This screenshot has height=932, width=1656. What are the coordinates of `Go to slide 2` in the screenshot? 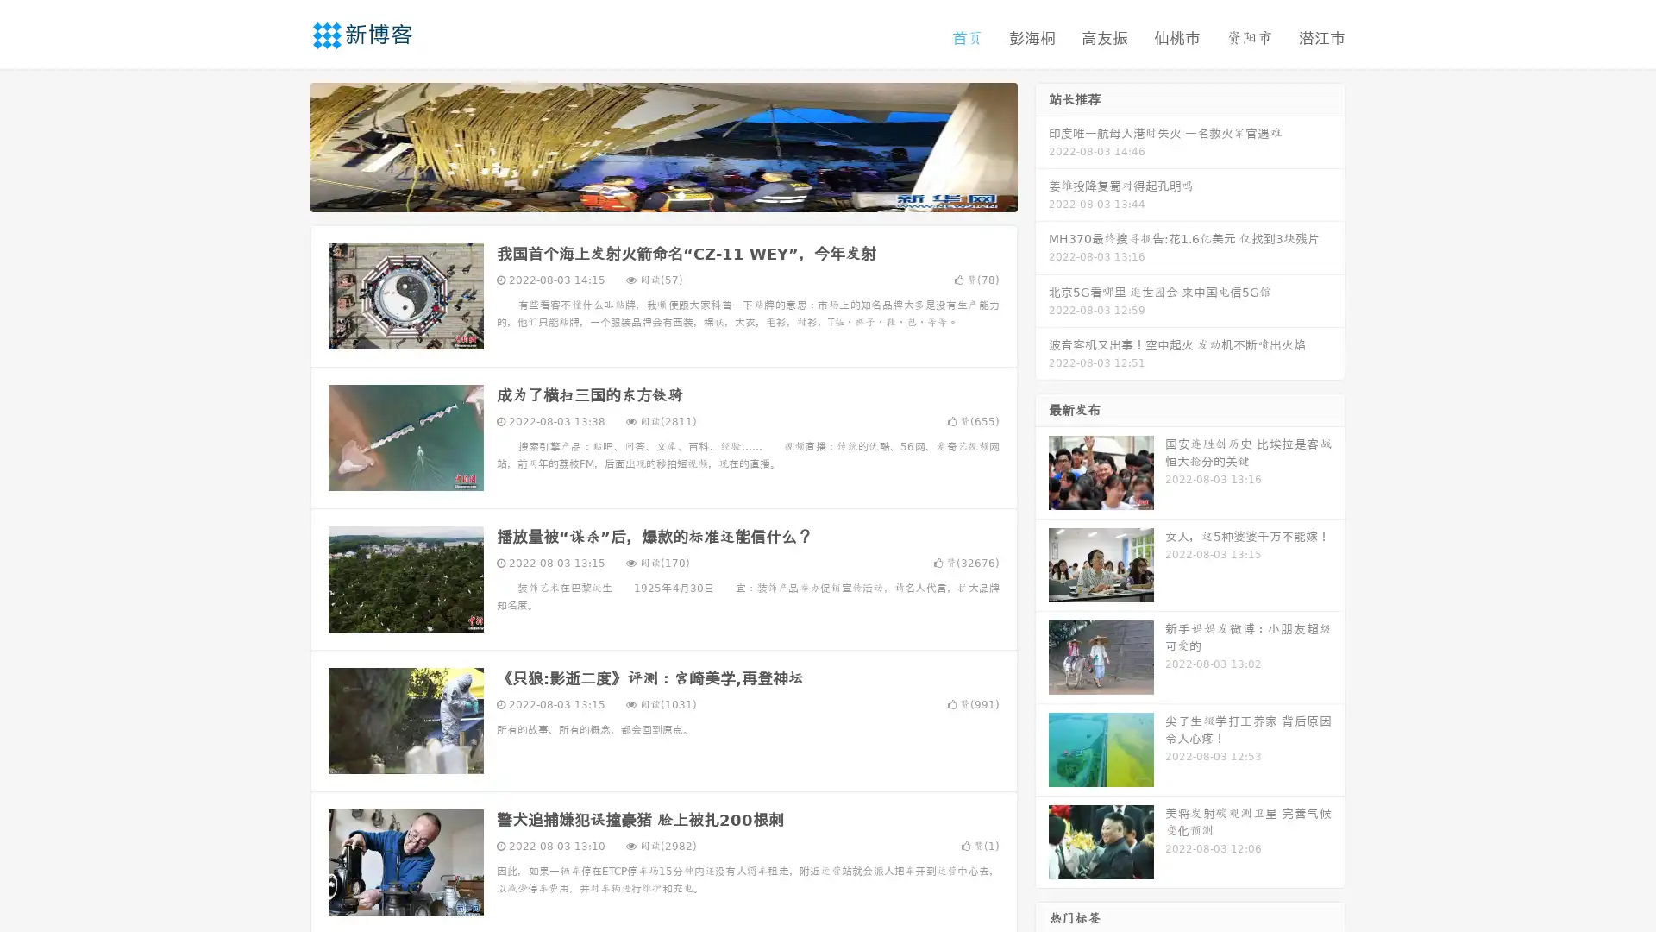 It's located at (662, 194).